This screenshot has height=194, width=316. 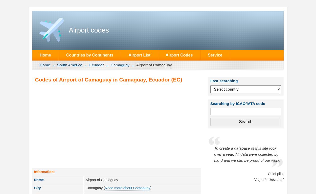 What do you see at coordinates (108, 79) in the screenshot?
I see `'Codes of Airport of Camaguay in Camaguay, Ecuador (EC)'` at bounding box center [108, 79].